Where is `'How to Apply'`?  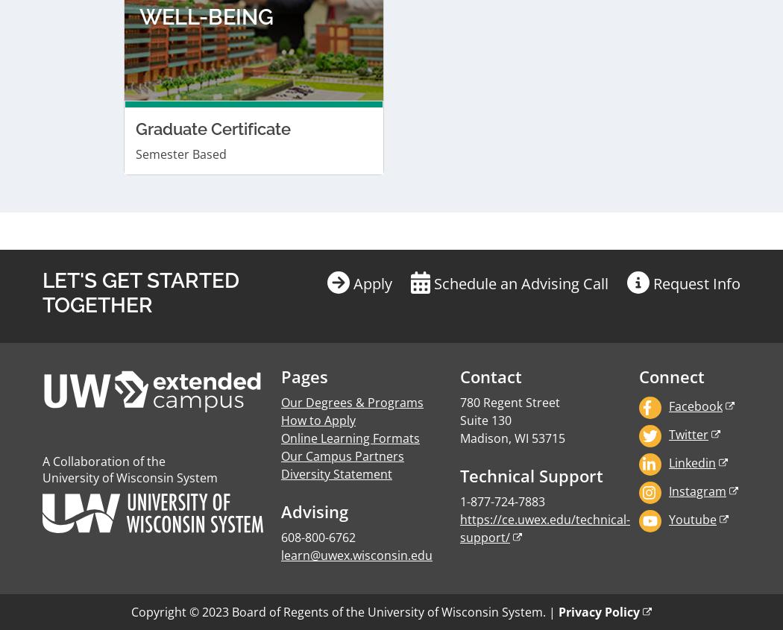
'How to Apply' is located at coordinates (316, 45).